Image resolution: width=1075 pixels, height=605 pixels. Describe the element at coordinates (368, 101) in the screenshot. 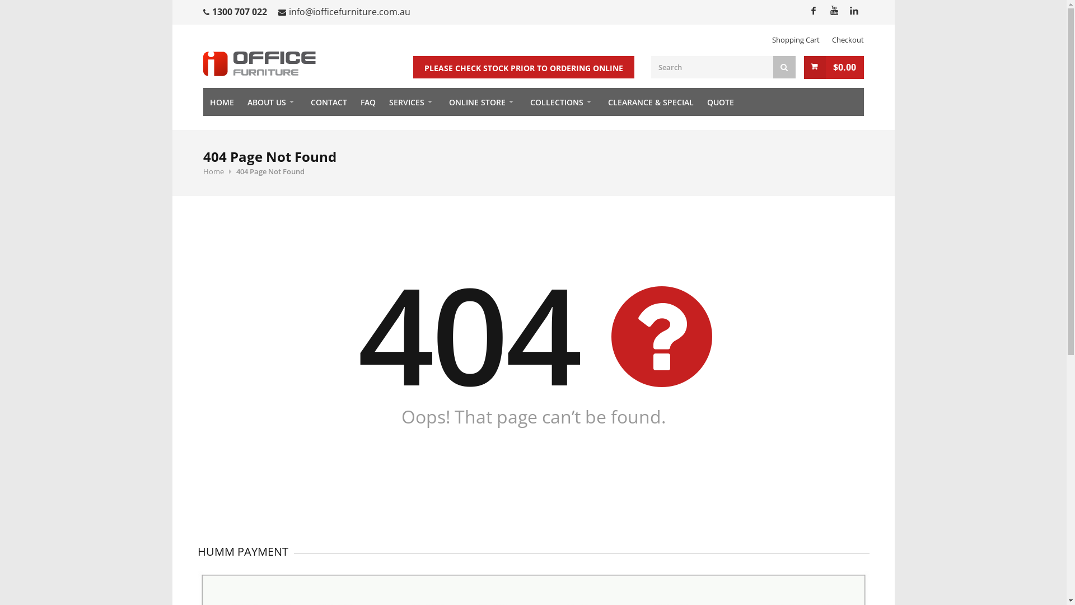

I see `'FAQ'` at that location.